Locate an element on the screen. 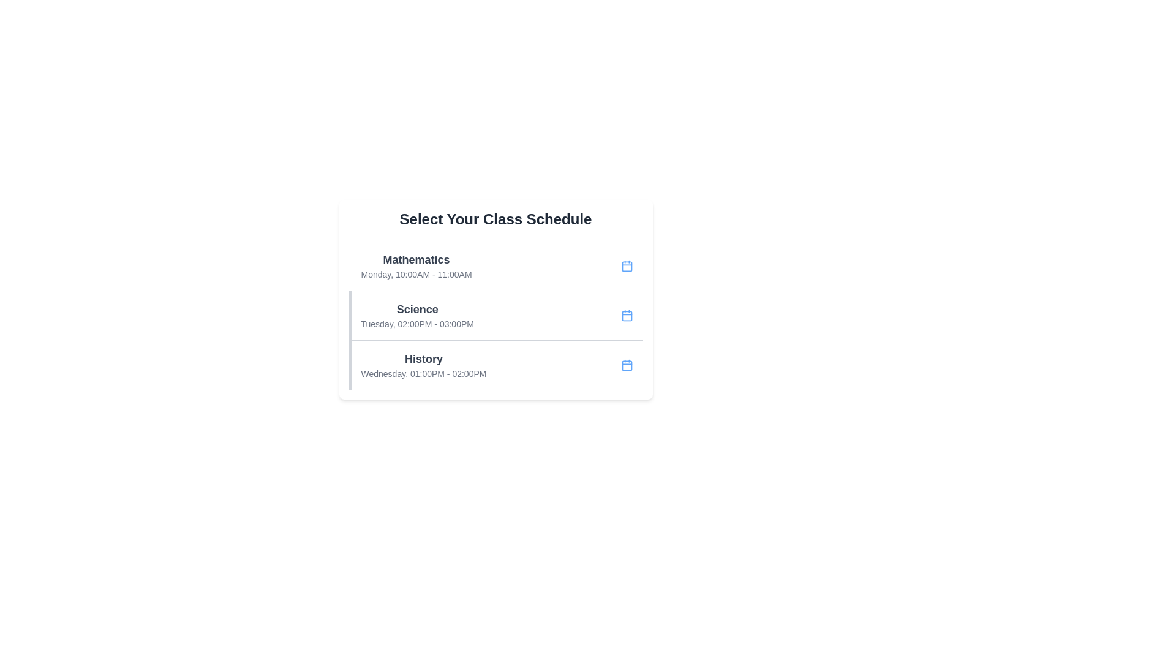  the text block containing the words 'Science' and 'Tuesday, 02:00PM - 03:00PM' is located at coordinates (417, 315).